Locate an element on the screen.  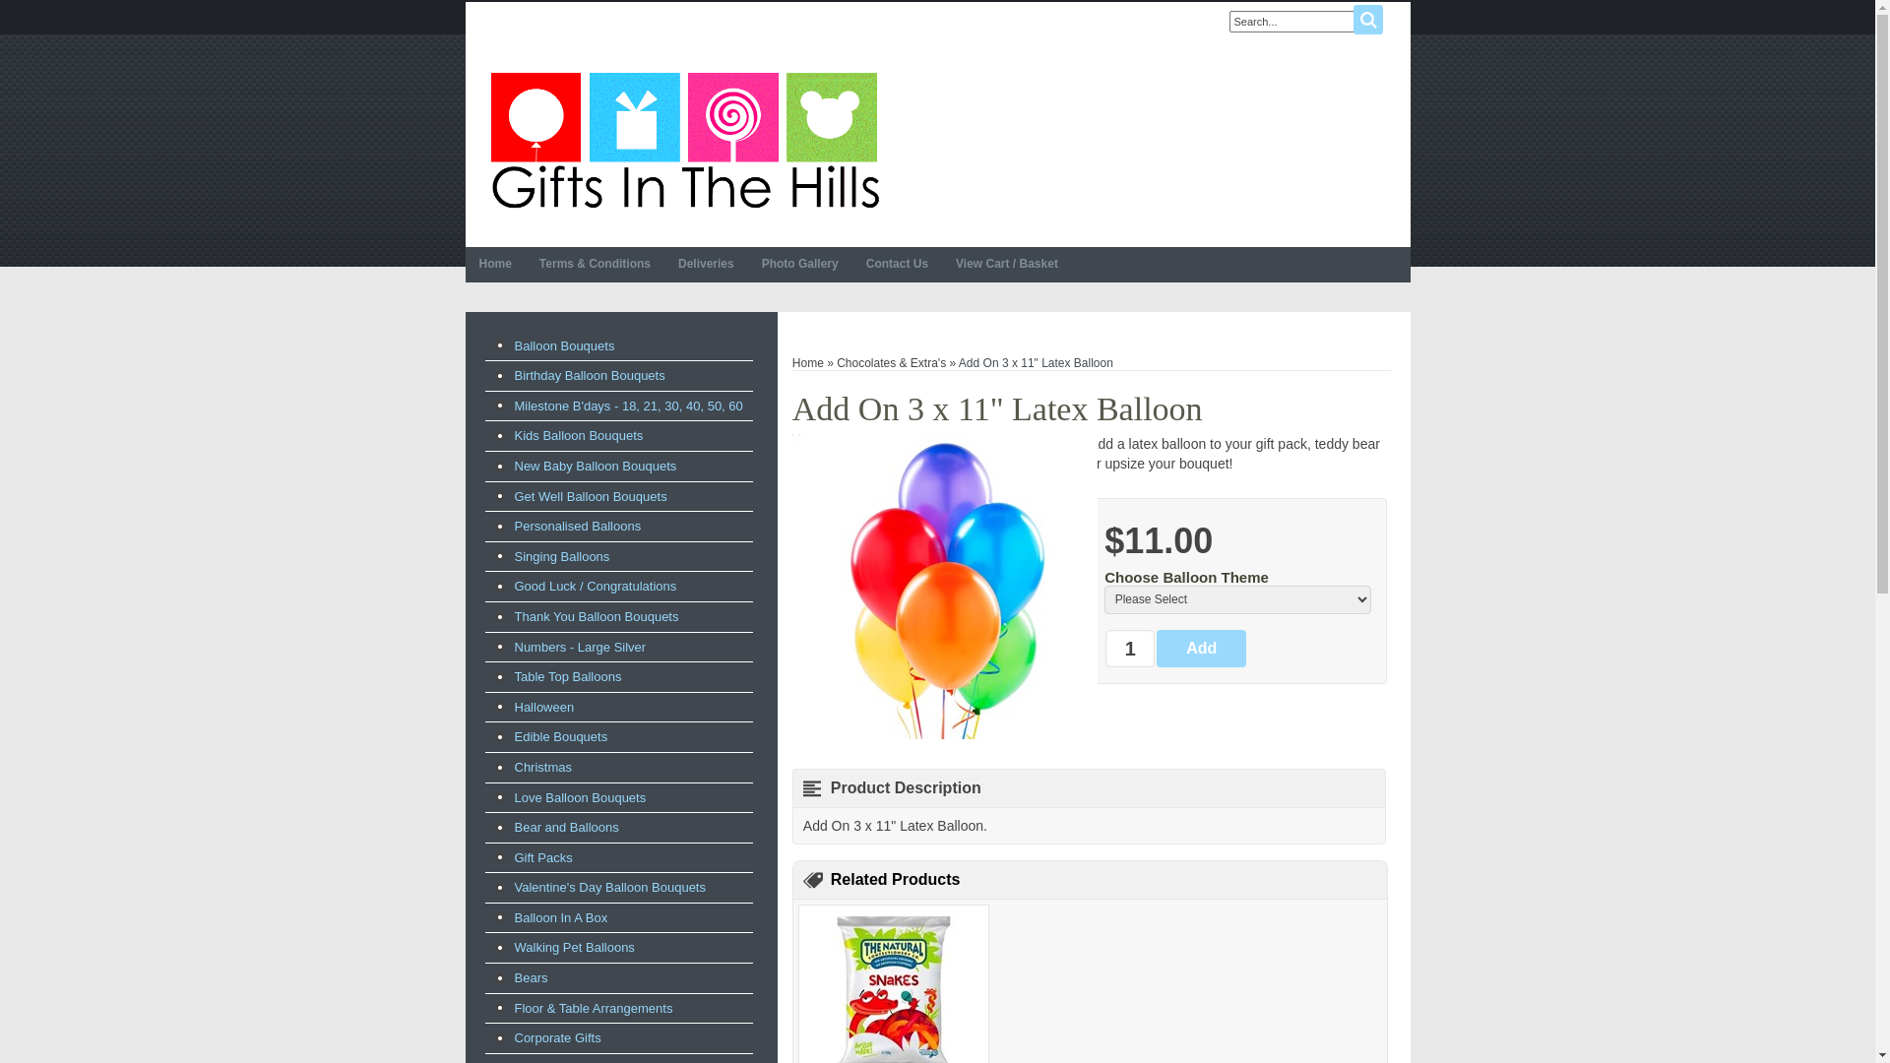
'Home' is located at coordinates (463, 264).